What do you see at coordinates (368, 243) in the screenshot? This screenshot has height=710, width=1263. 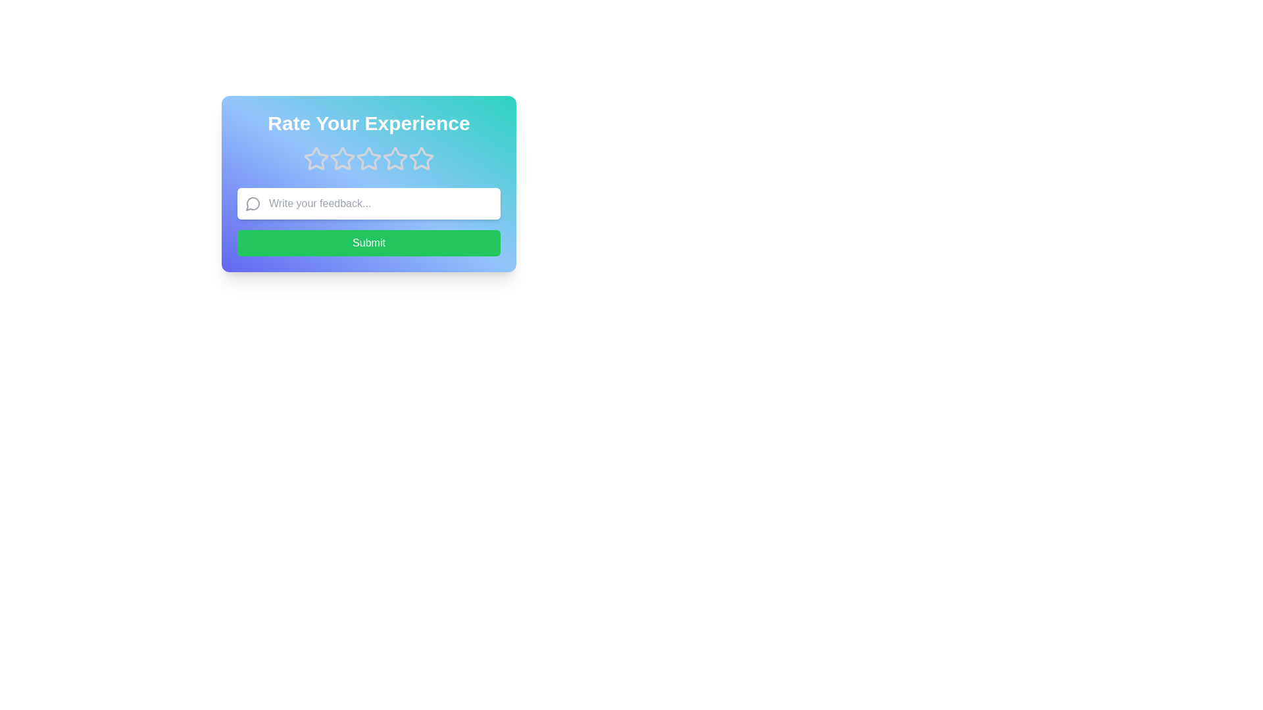 I see `submit button to submit the feedback` at bounding box center [368, 243].